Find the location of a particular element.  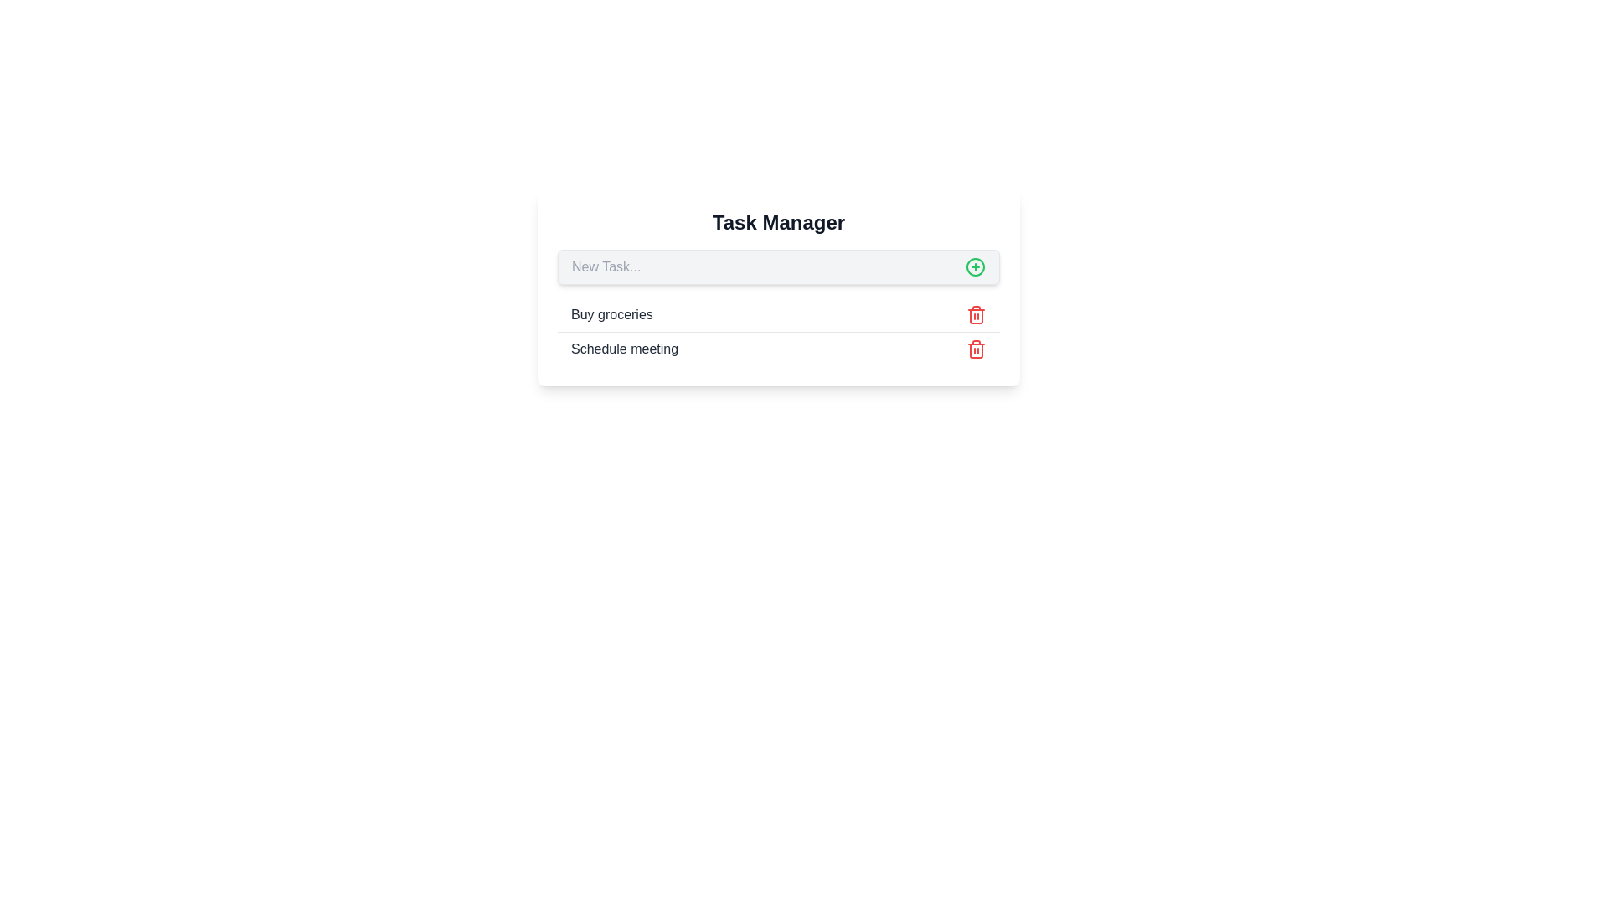

the trash can icon button for deleting the 'Schedule meeting' task to see context-specific options is located at coordinates (977, 348).